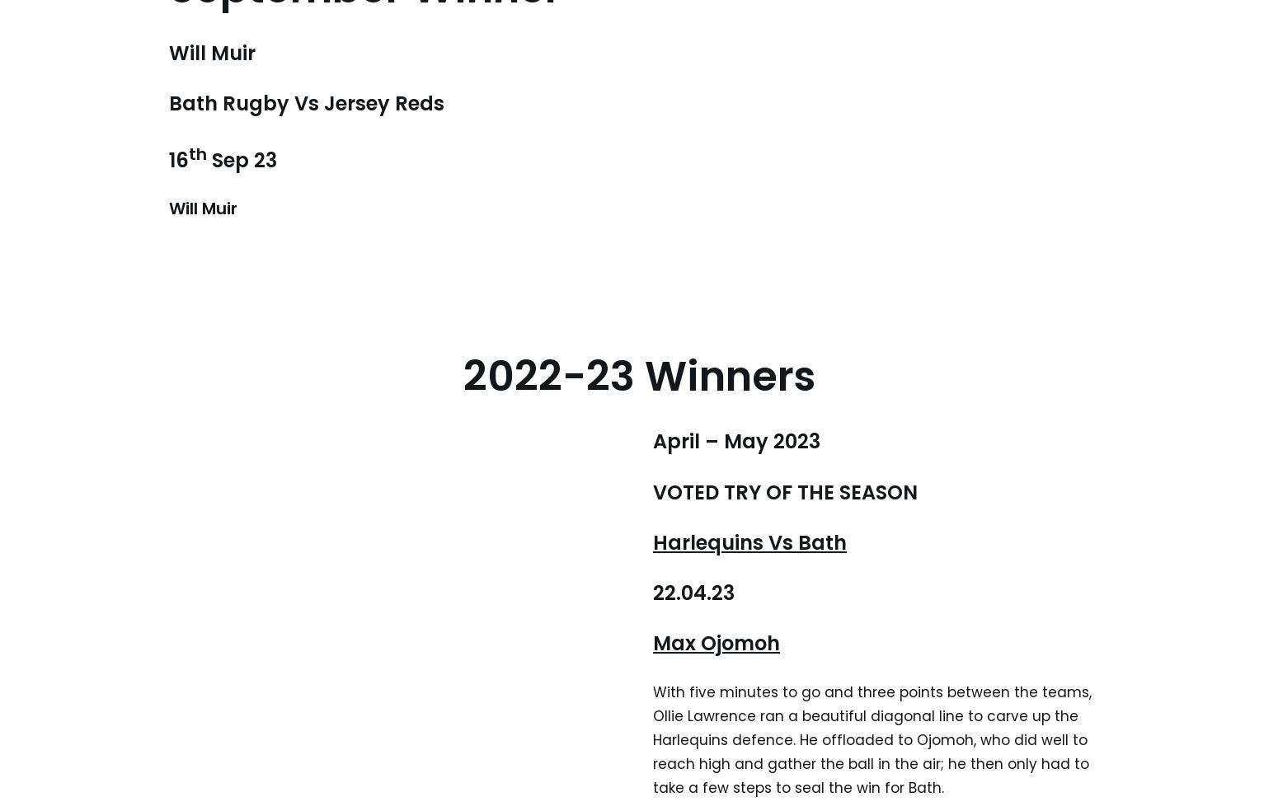 The height and width of the screenshot is (811, 1278). I want to click on 'Harlequins', so click(710, 541).